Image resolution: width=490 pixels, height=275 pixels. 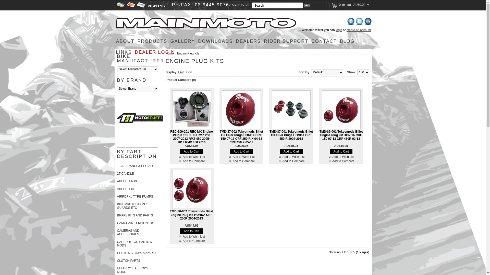 What do you see at coordinates (135, 223) in the screenshot?
I see `'CAMCHAIN TENSIONERS'` at bounding box center [135, 223].